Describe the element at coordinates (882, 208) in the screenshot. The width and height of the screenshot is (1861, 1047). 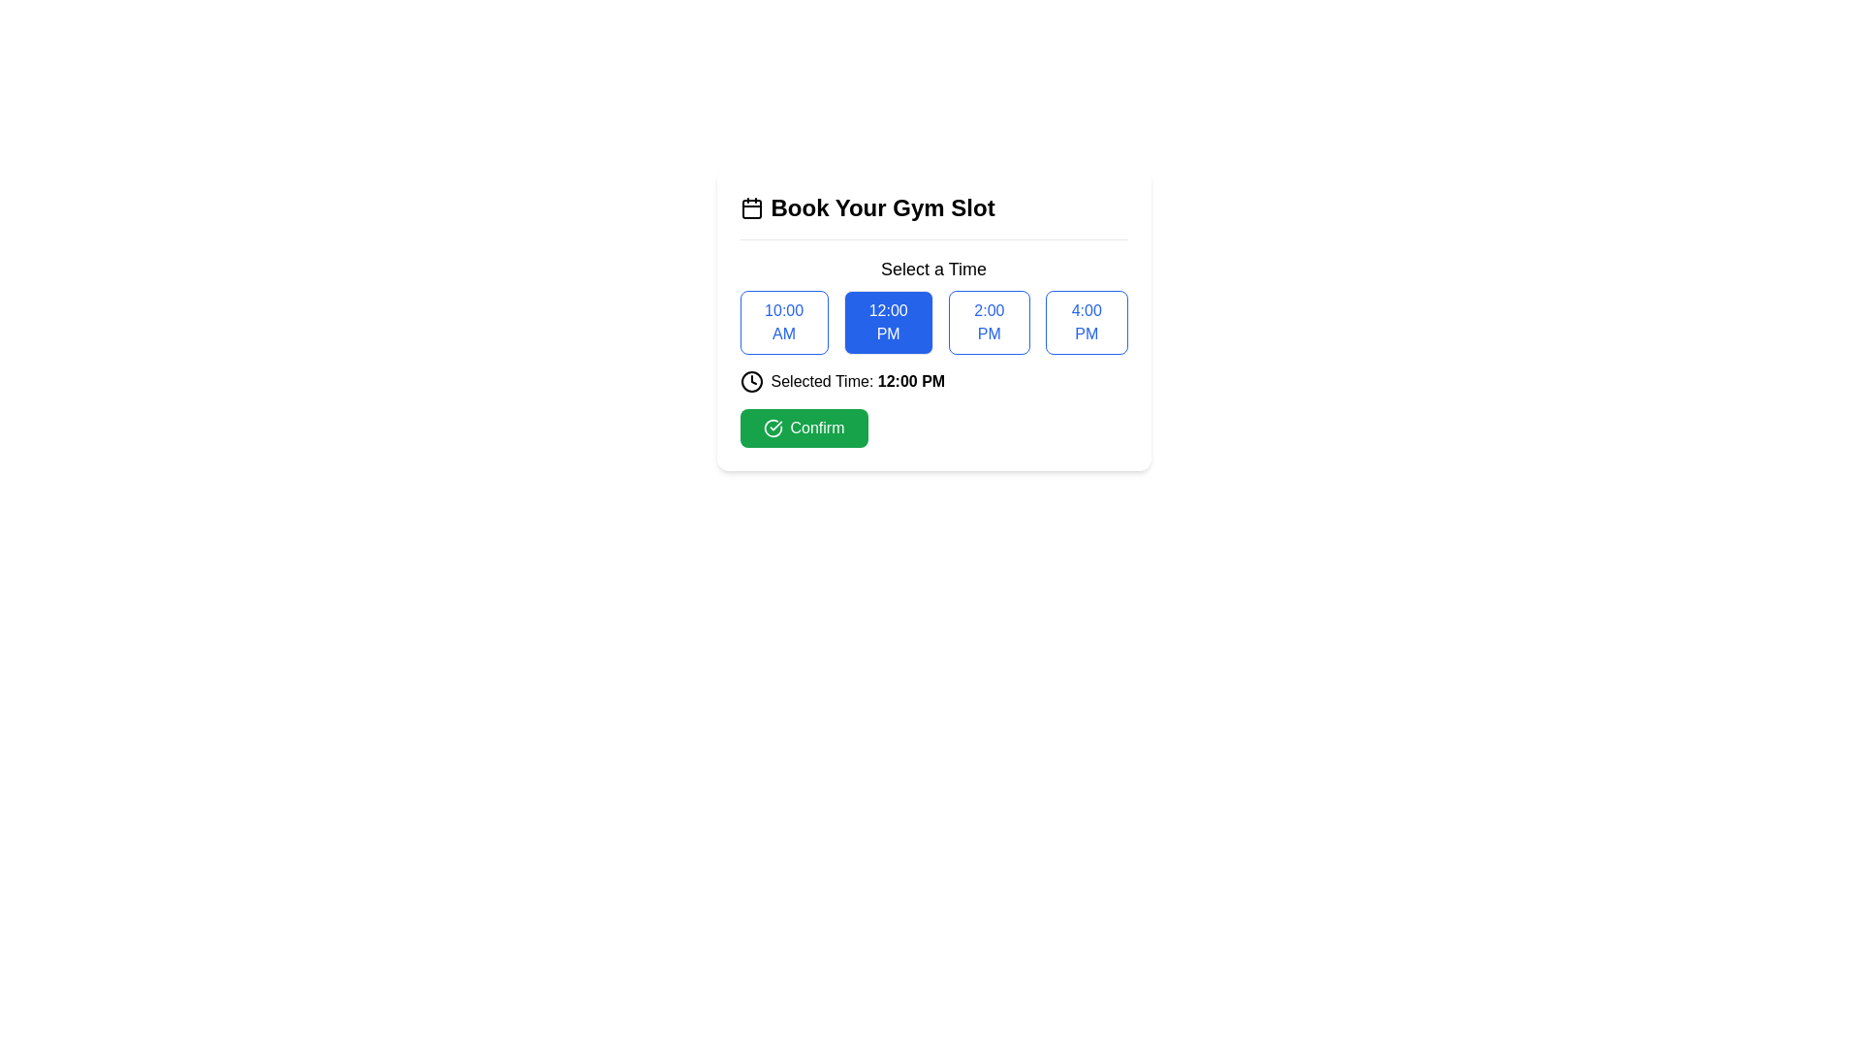
I see `the text component displaying the title 'Book Your Gym Slot' located in the header section near the calendar icon` at that location.